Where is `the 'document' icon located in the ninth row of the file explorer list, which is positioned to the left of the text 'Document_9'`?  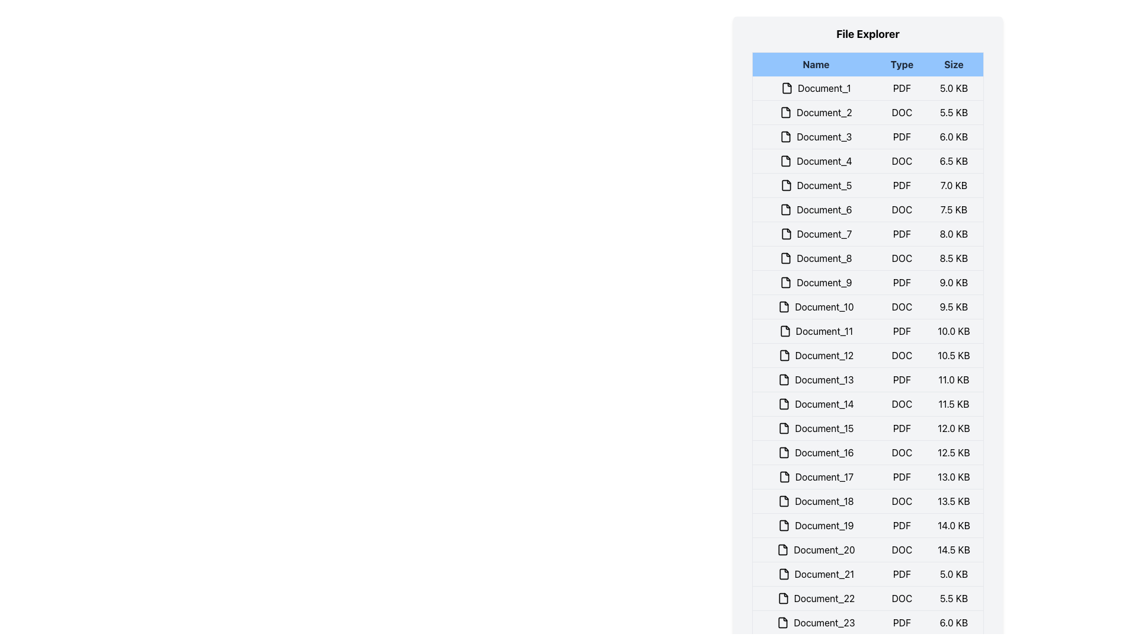
the 'document' icon located in the ninth row of the file explorer list, which is positioned to the left of the text 'Document_9' is located at coordinates (786, 283).